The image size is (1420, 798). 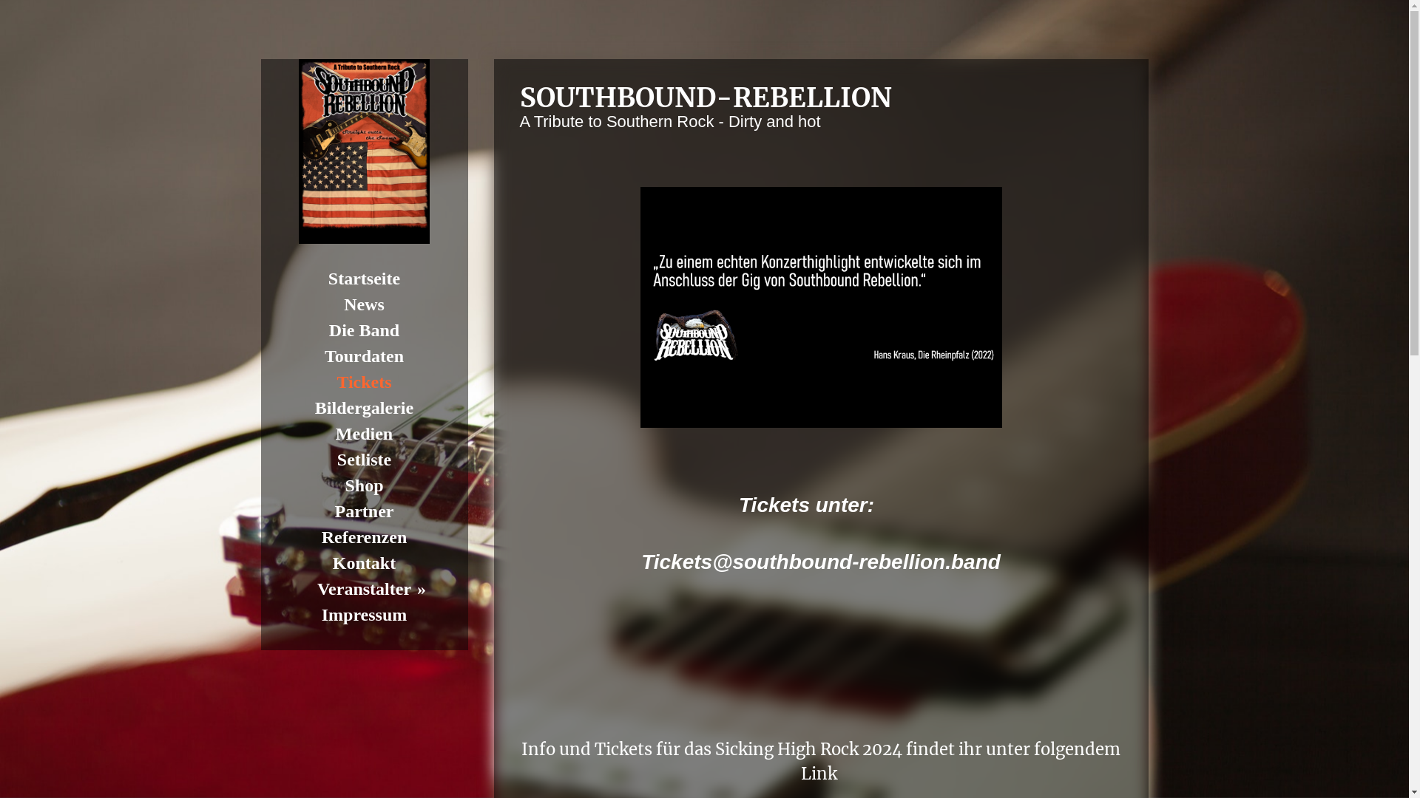 I want to click on 'Die Band', so click(x=363, y=330).